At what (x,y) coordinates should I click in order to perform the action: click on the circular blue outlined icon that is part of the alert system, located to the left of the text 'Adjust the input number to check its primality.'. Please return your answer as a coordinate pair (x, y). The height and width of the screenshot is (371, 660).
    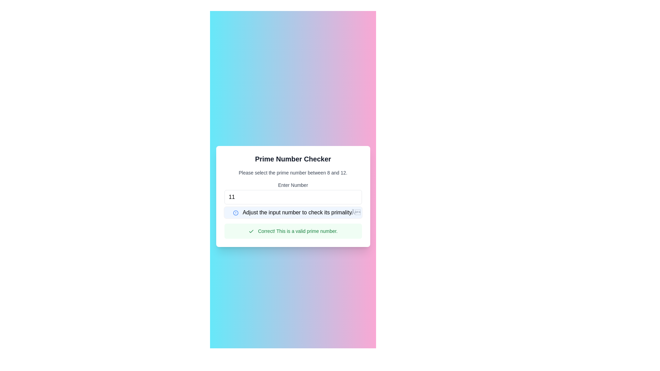
    Looking at the image, I should click on (236, 212).